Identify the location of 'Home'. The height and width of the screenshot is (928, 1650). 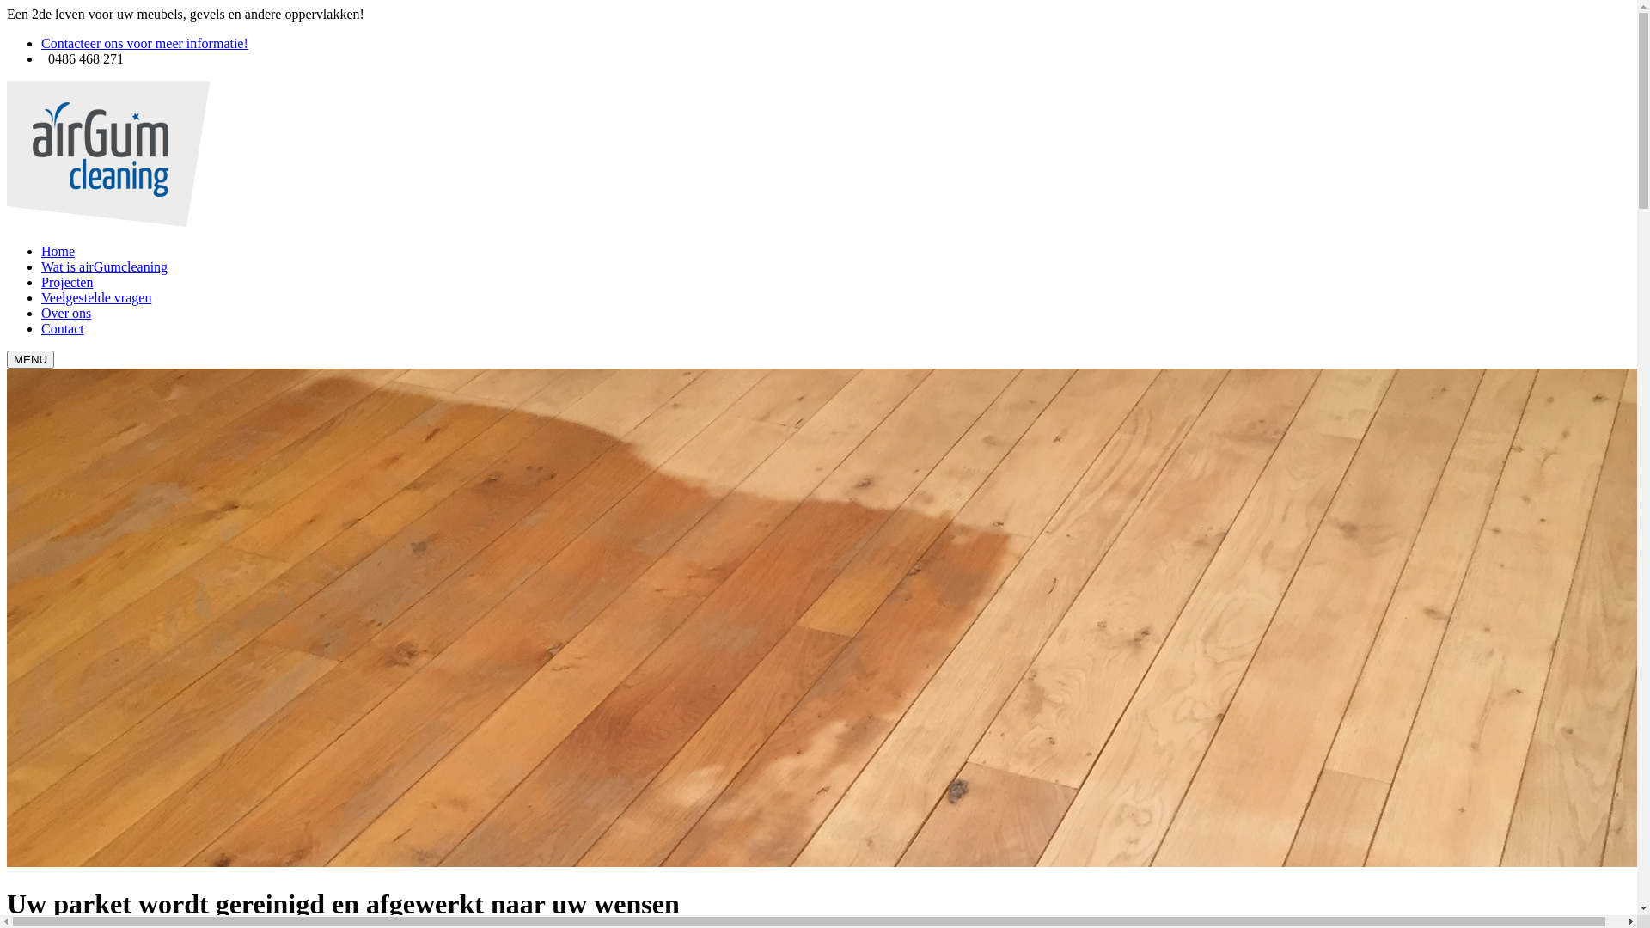
(41, 251).